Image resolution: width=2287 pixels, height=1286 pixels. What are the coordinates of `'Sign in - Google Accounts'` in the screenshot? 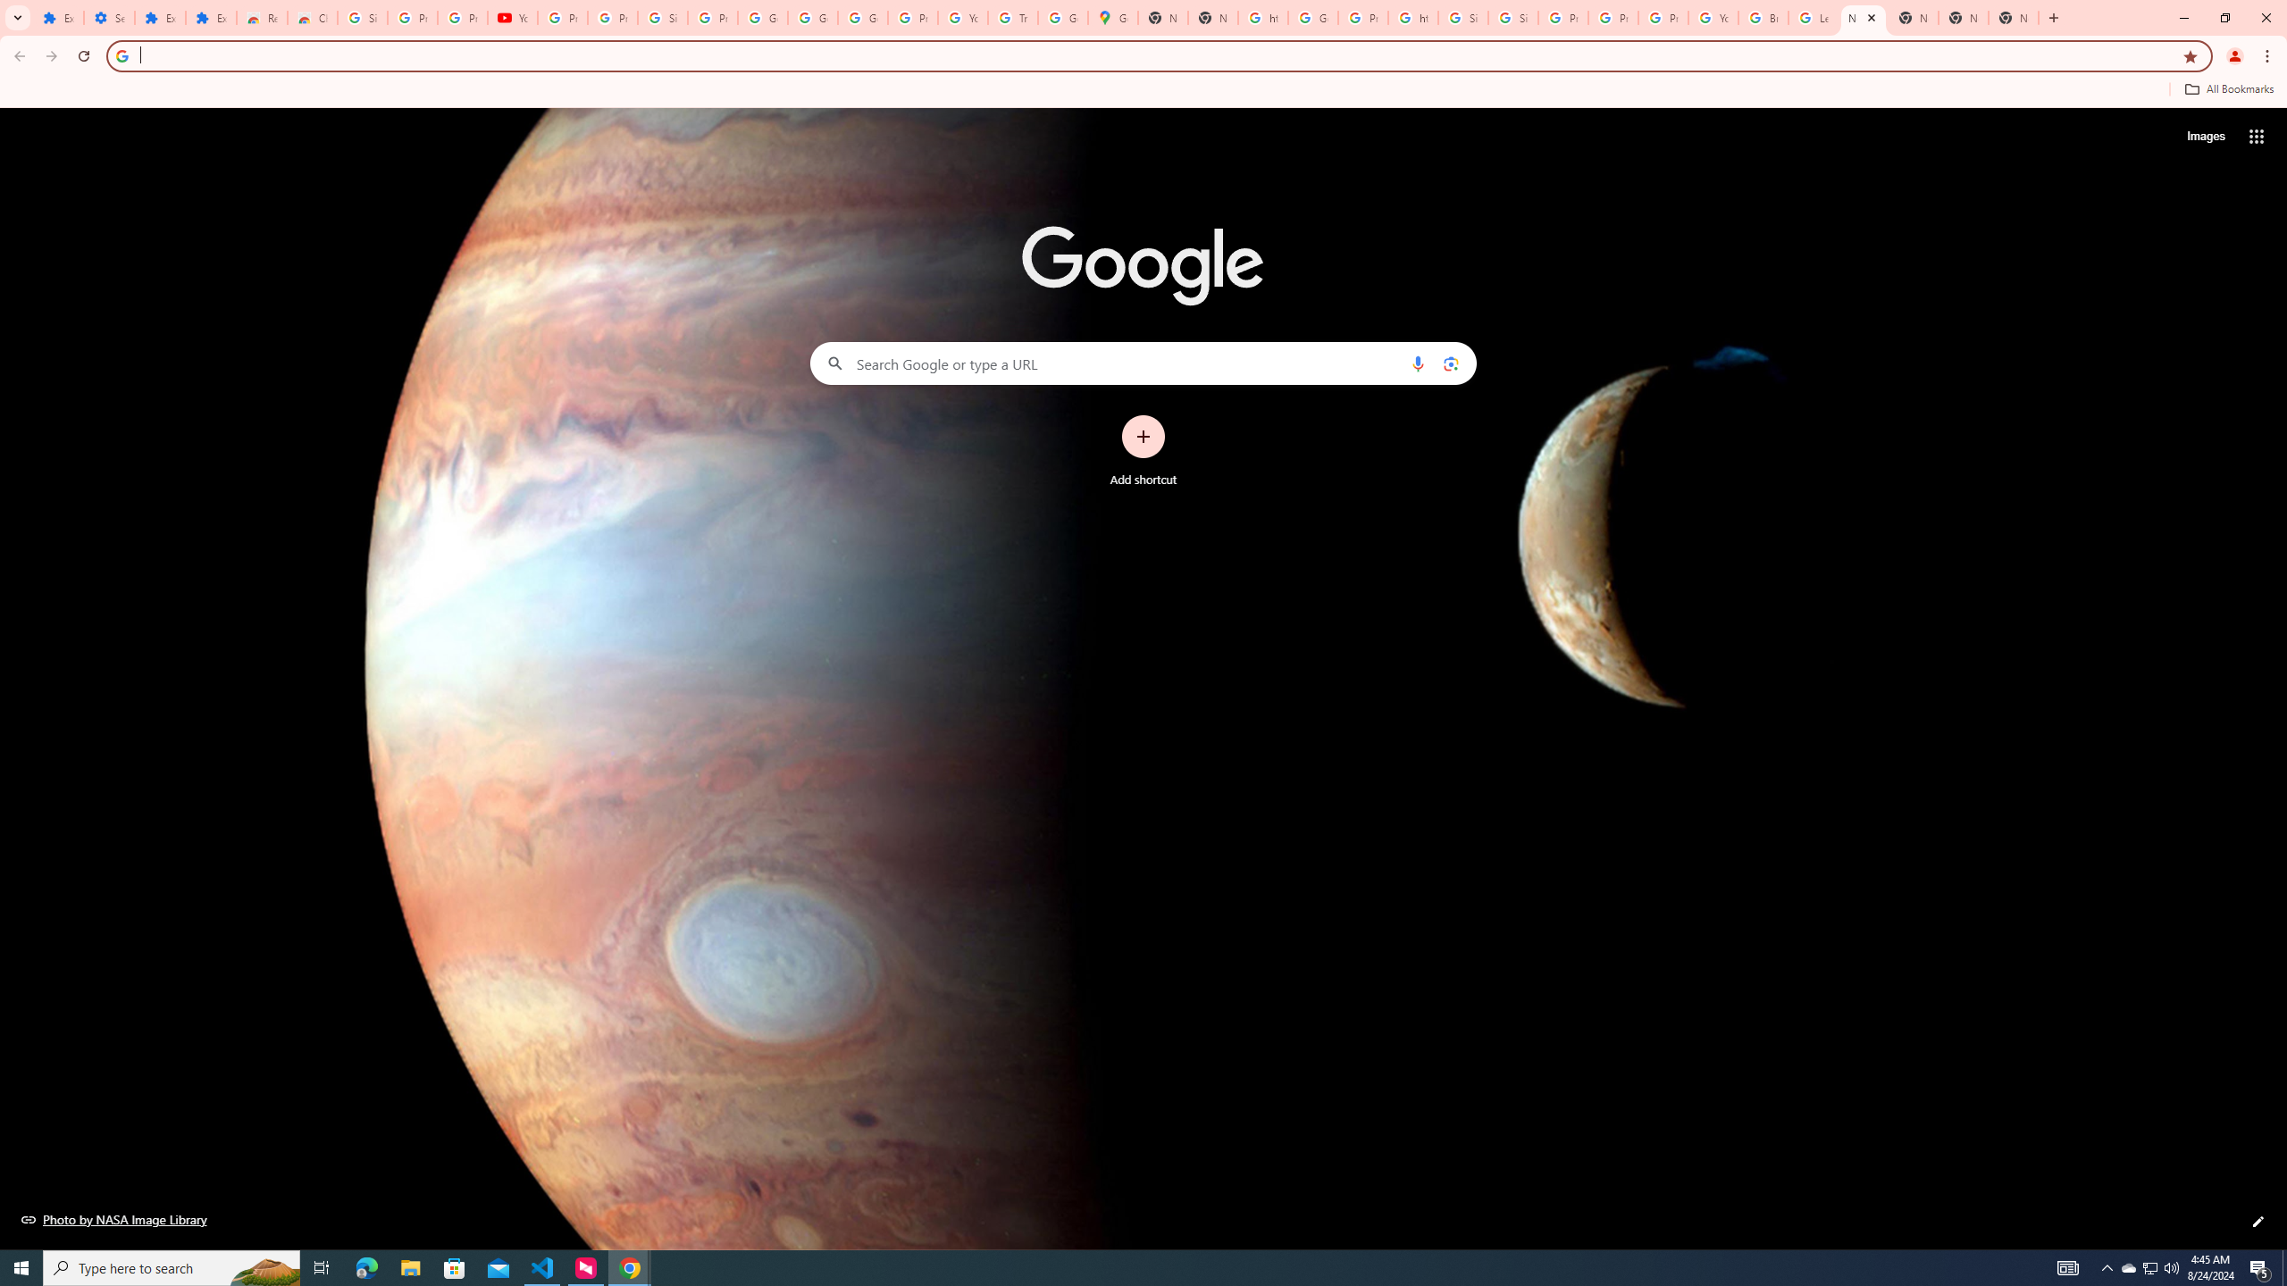 It's located at (1462, 17).